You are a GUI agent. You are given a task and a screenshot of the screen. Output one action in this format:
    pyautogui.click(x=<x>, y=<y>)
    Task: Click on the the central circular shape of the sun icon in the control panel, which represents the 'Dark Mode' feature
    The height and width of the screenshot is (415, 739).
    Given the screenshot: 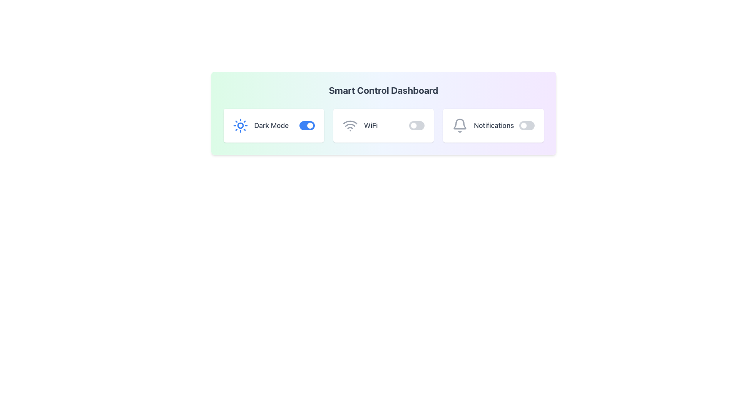 What is the action you would take?
    pyautogui.click(x=240, y=125)
    